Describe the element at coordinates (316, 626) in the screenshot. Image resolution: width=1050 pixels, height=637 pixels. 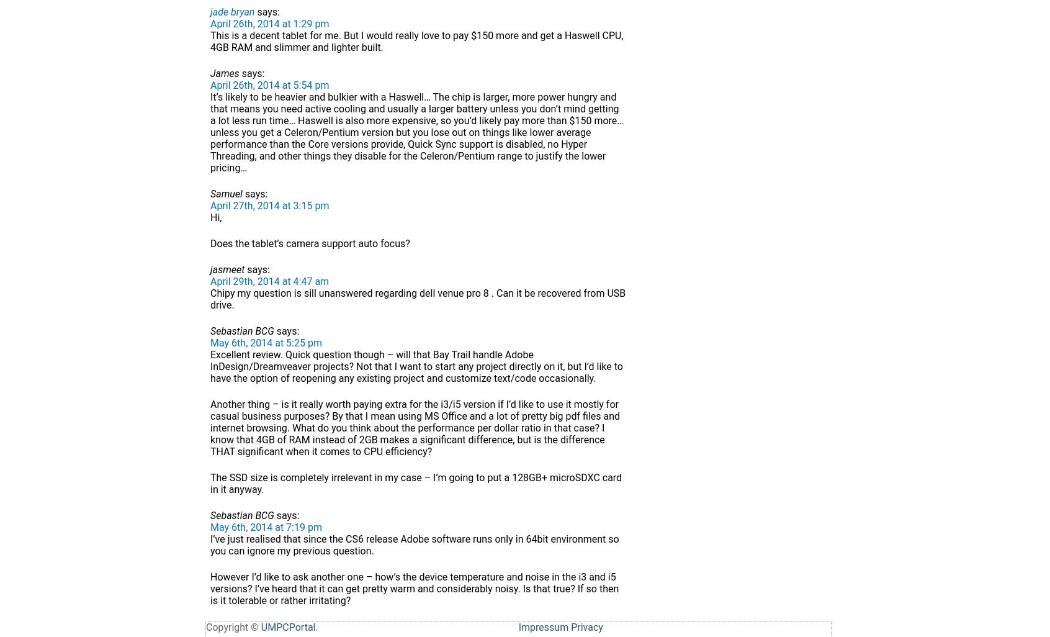
I see `'.'` at that location.